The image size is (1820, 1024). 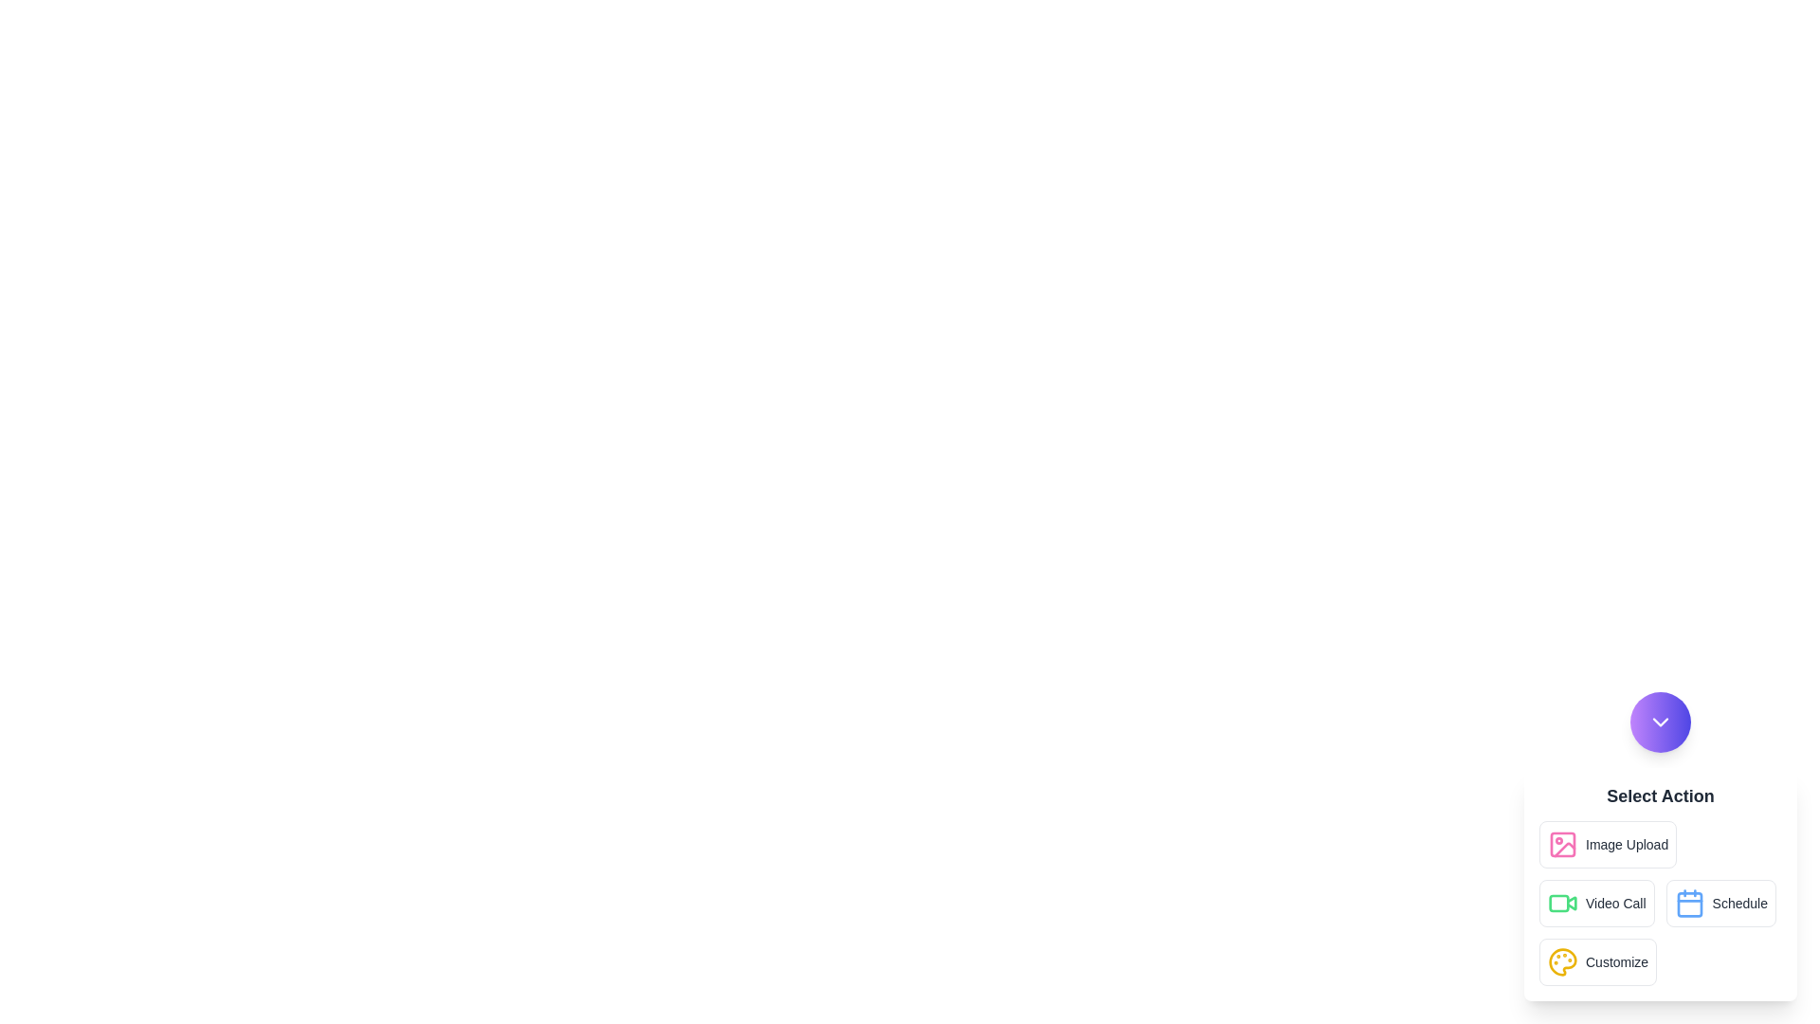 What do you see at coordinates (1562, 961) in the screenshot?
I see `the 'Customize' icon located in the dropdown menu at the bottom right section of the interface` at bounding box center [1562, 961].